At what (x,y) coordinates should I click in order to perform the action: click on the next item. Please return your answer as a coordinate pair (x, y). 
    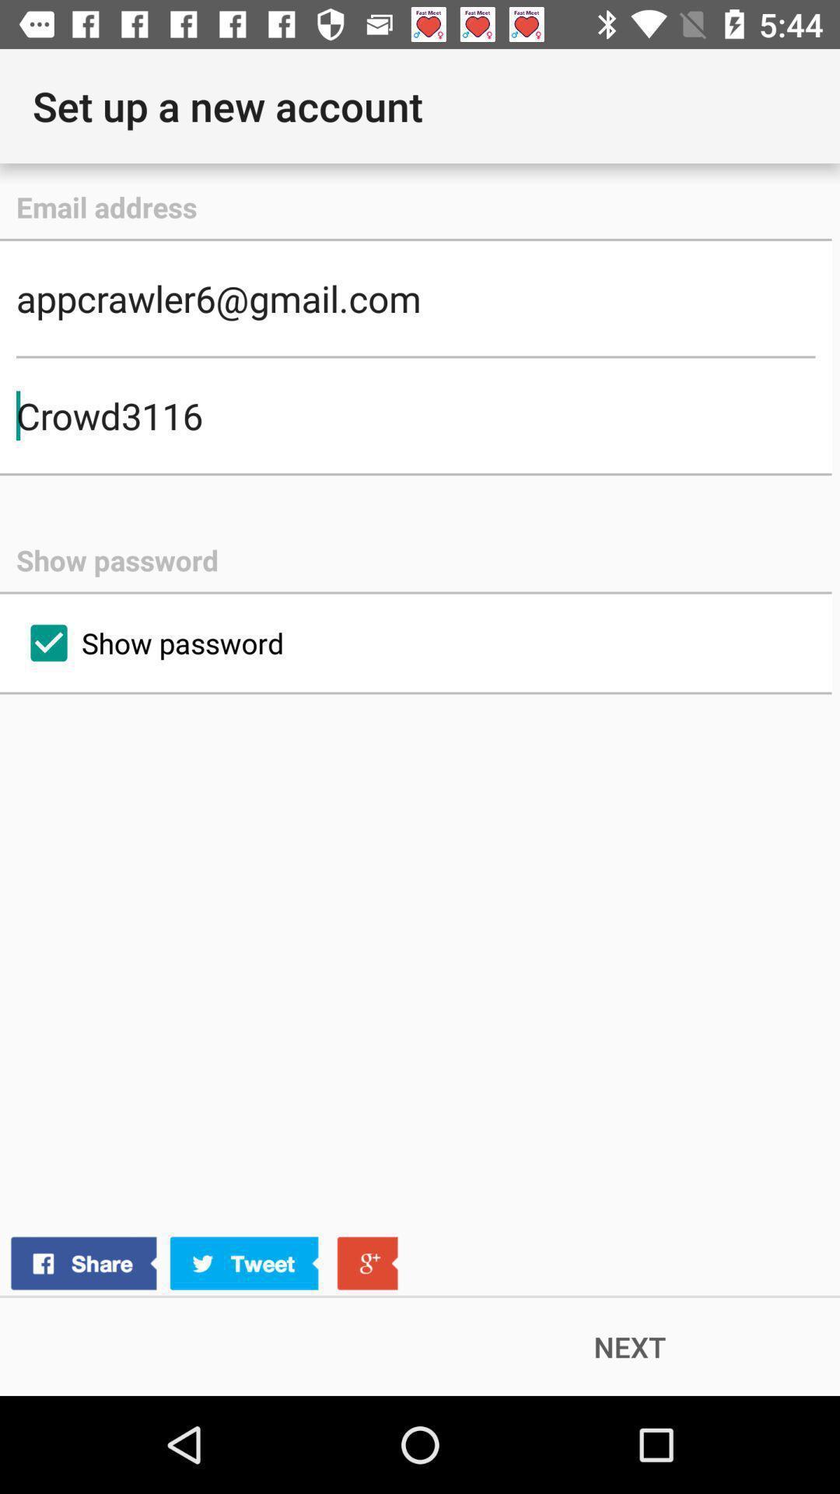
    Looking at the image, I should click on (630, 1346).